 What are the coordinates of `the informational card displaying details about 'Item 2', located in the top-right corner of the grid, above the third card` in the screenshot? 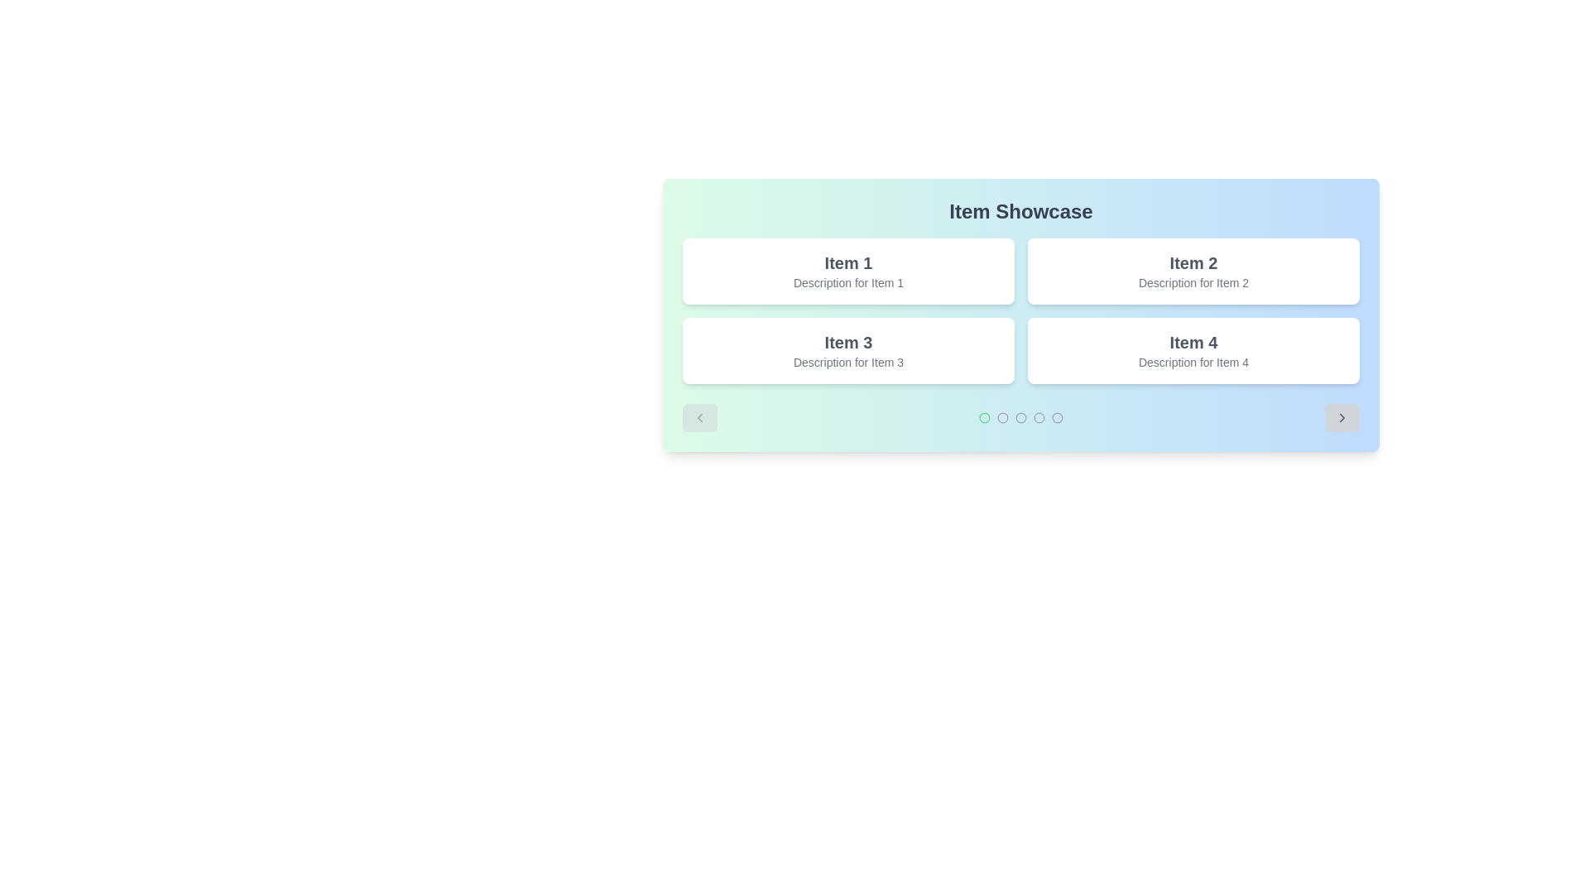 It's located at (1193, 270).